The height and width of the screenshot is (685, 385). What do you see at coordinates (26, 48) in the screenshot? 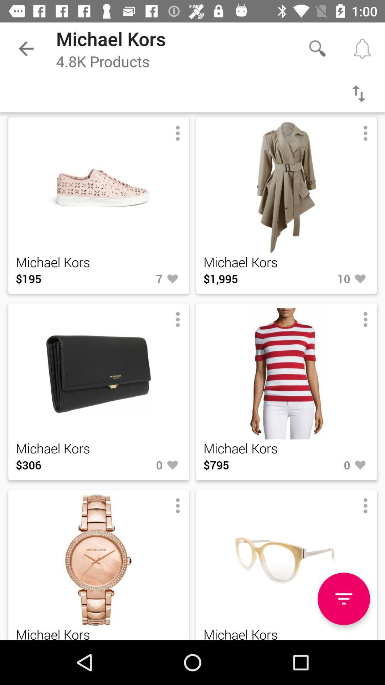
I see `icon to the left of michael kors app` at bounding box center [26, 48].